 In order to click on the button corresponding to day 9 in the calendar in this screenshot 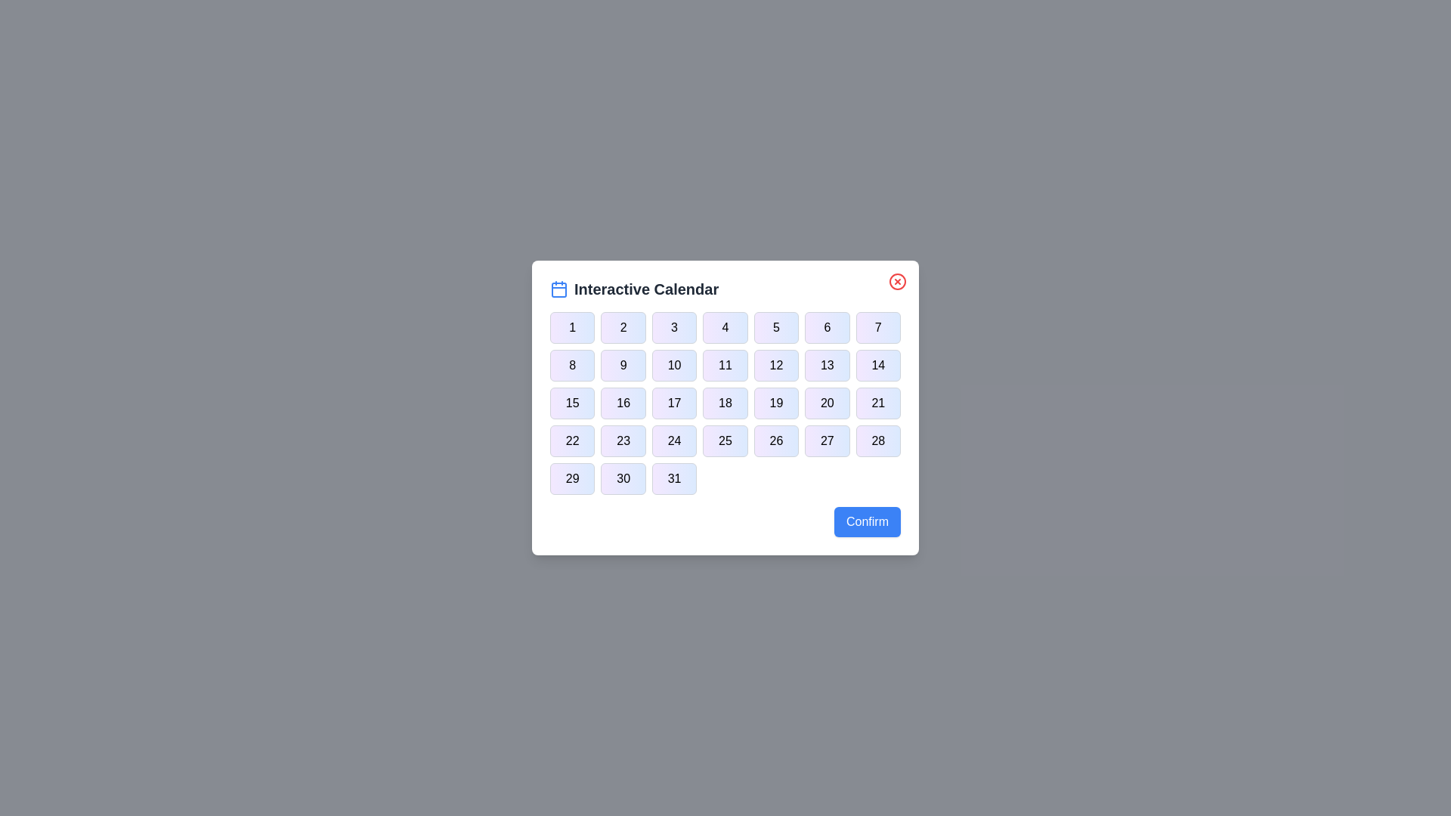, I will do `click(623, 365)`.